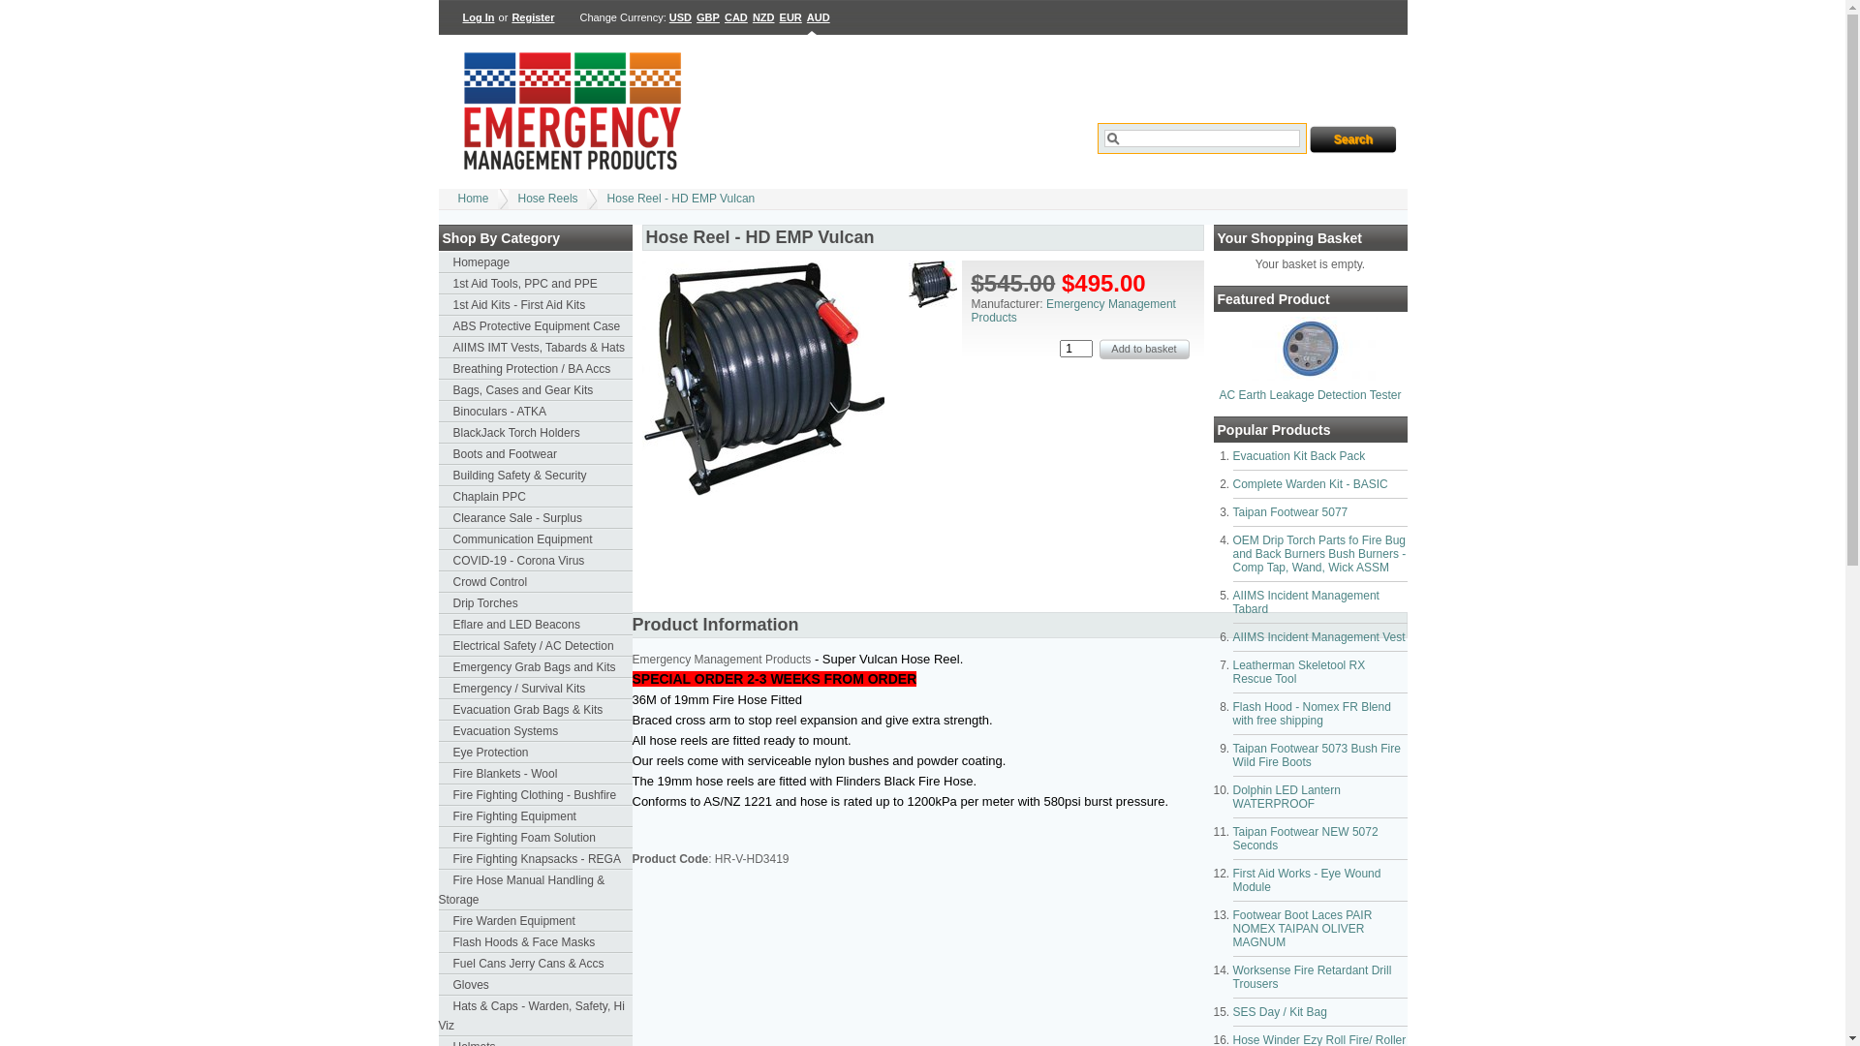  Describe the element at coordinates (535, 517) in the screenshot. I see `'Clearance Sale - Surplus'` at that location.